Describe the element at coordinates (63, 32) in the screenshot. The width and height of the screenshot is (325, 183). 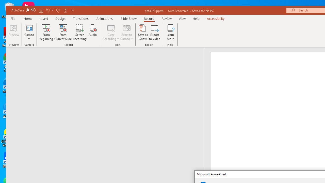
I see `'From Current Slide...'` at that location.